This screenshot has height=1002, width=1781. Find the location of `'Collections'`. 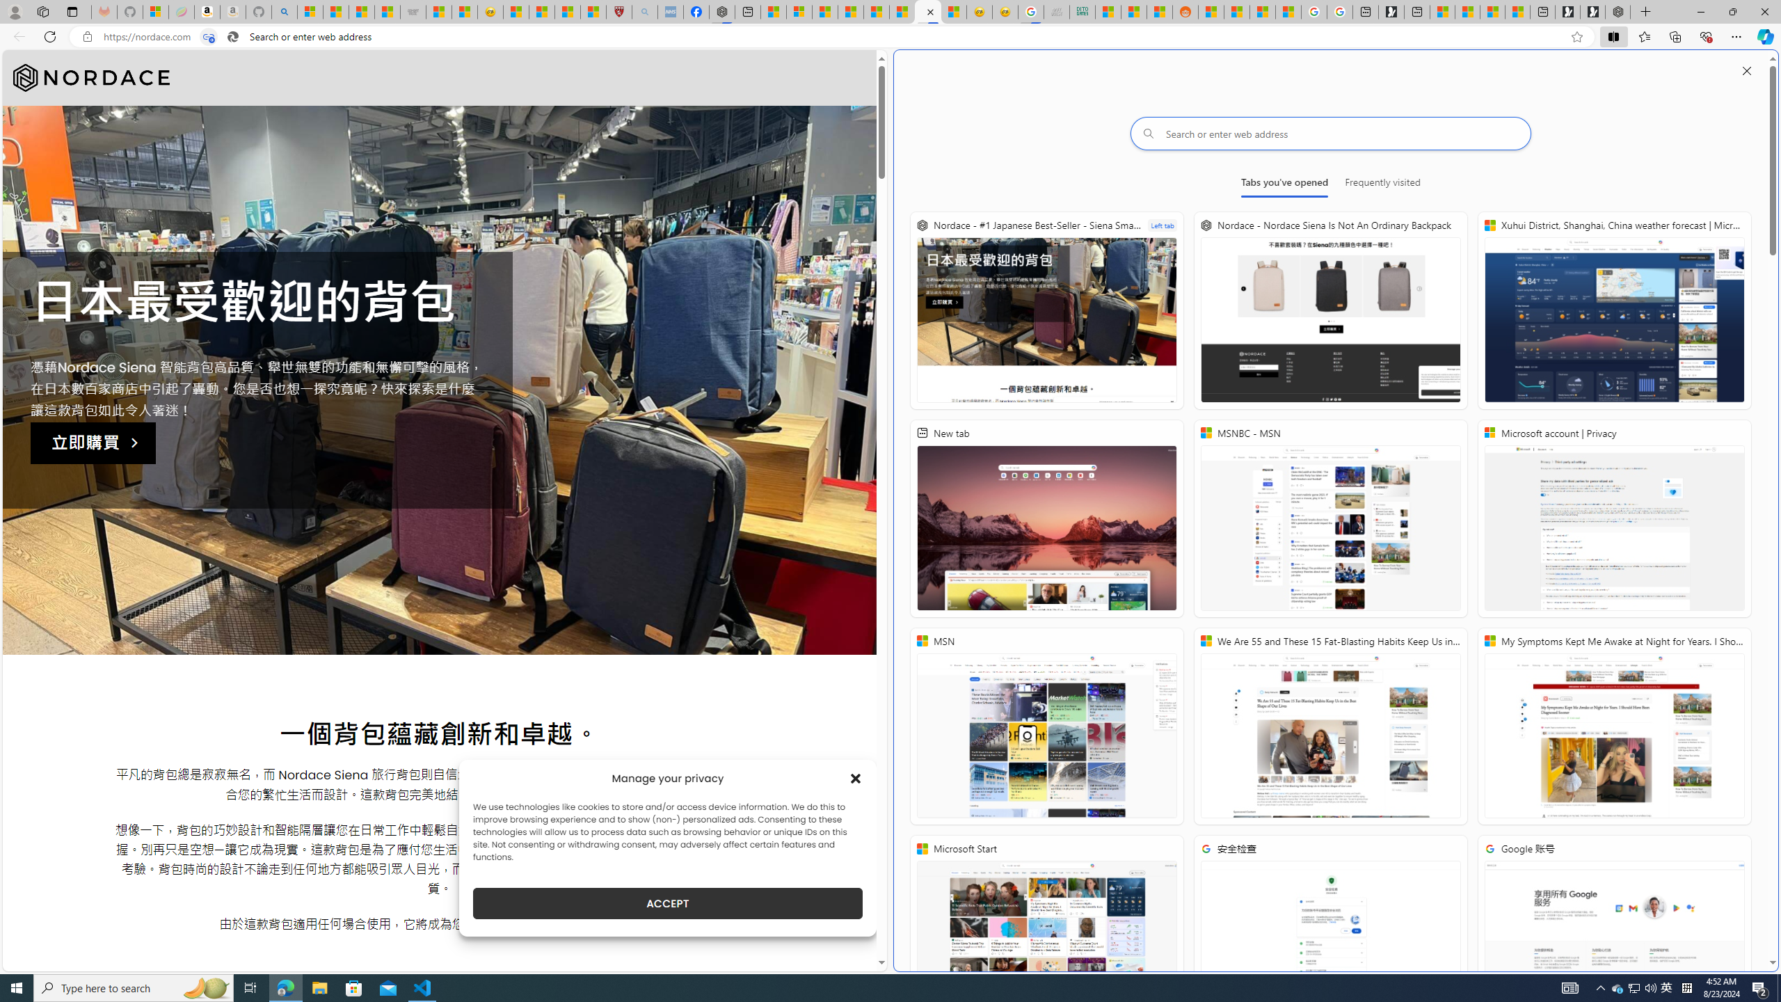

'Collections' is located at coordinates (1674, 35).